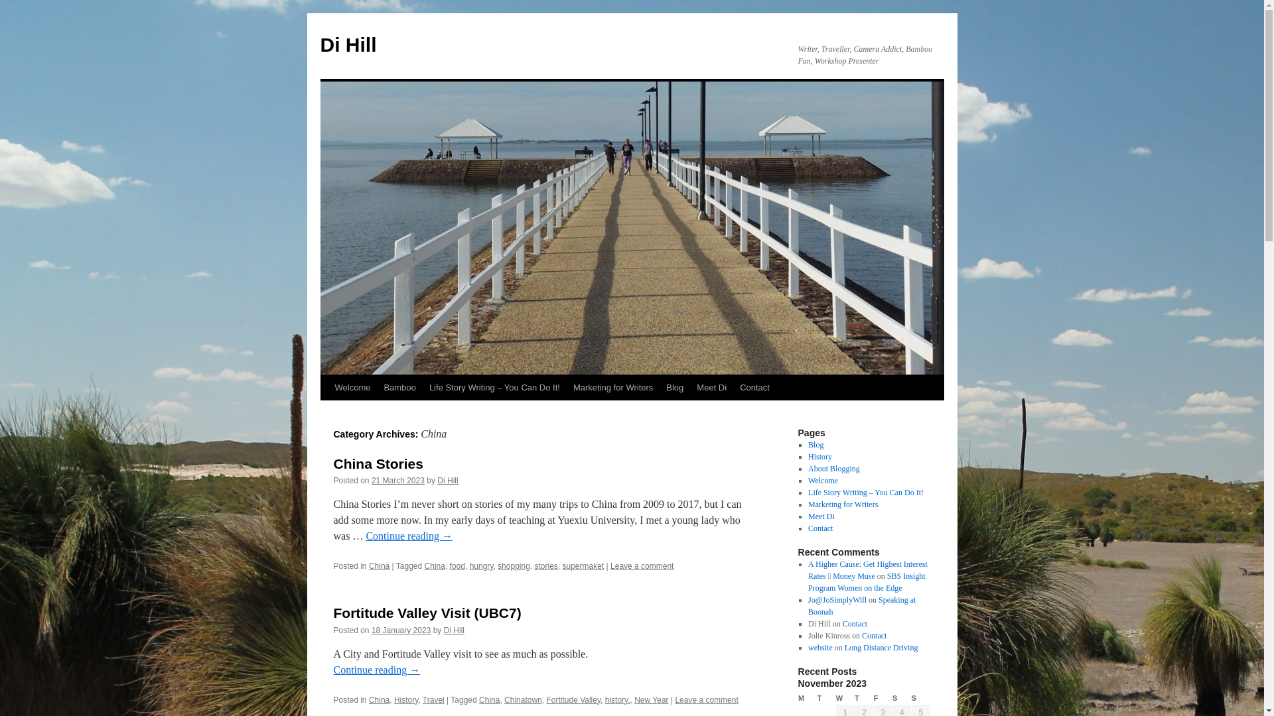  Describe the element at coordinates (433, 699) in the screenshot. I see `'Travel'` at that location.